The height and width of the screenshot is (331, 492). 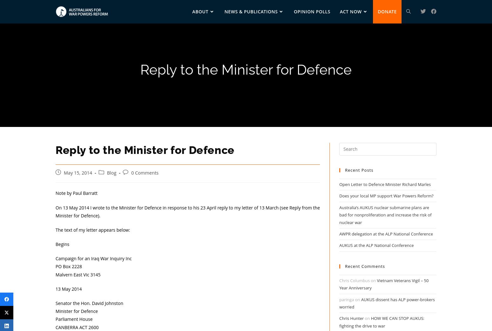 What do you see at coordinates (386, 195) in the screenshot?
I see `'Does your local MP support War Powers Reform?'` at bounding box center [386, 195].